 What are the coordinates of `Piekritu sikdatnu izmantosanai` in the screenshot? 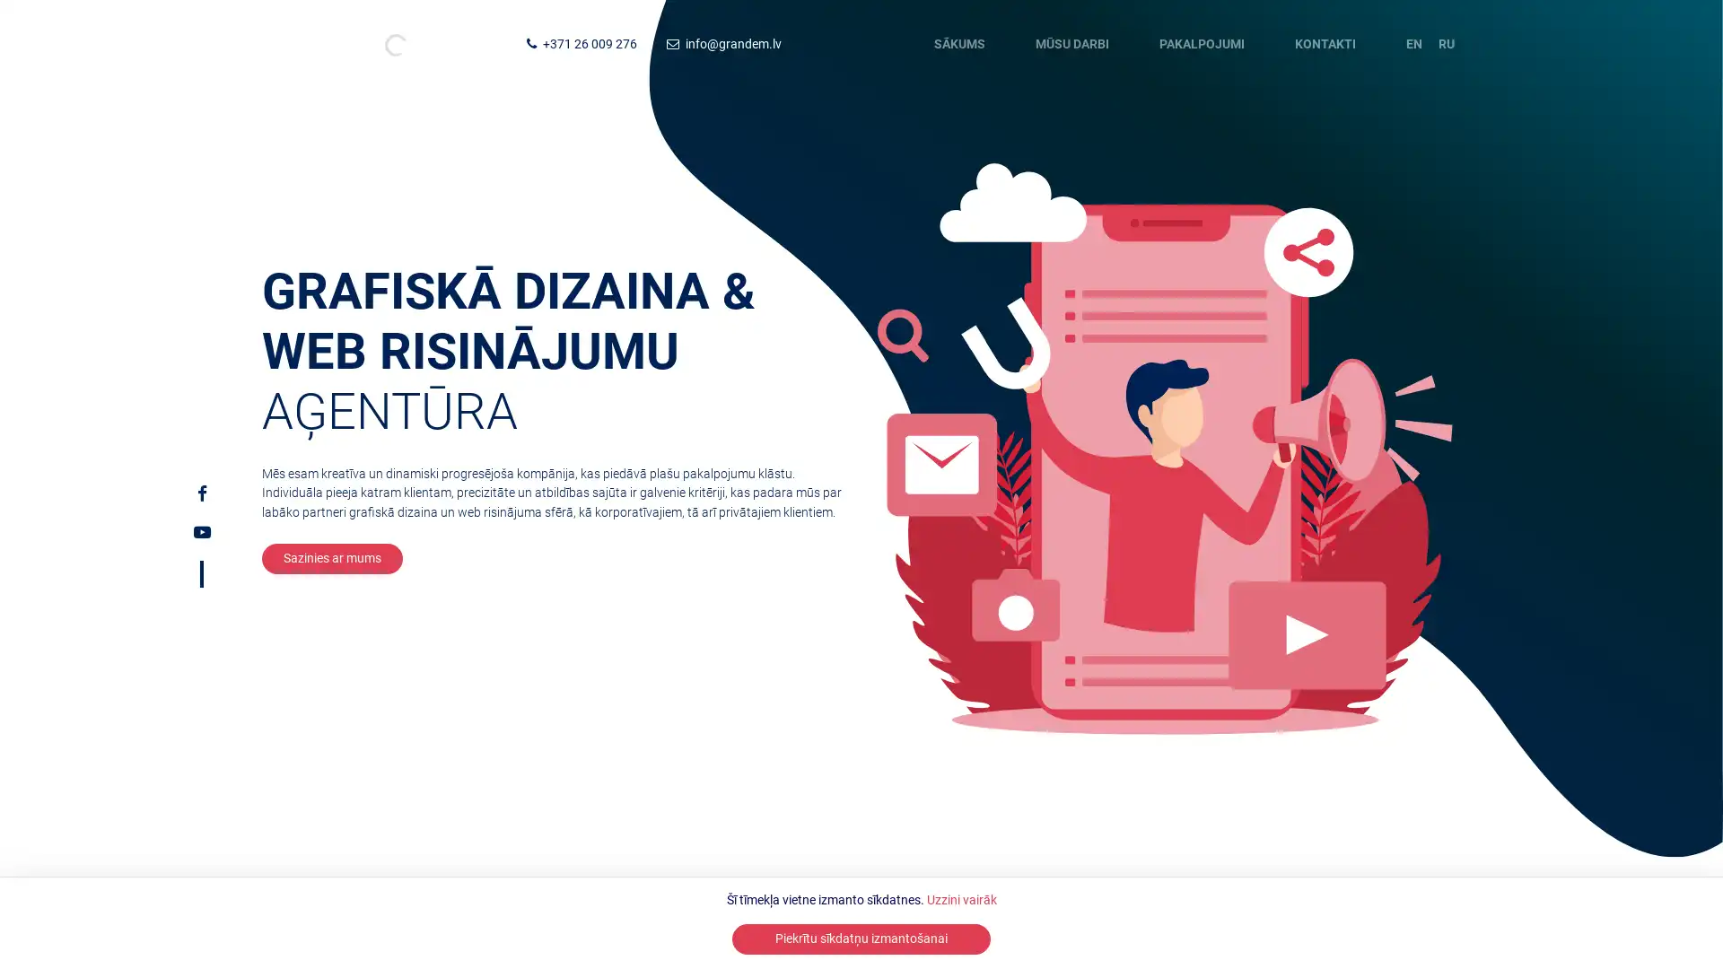 It's located at (861, 938).